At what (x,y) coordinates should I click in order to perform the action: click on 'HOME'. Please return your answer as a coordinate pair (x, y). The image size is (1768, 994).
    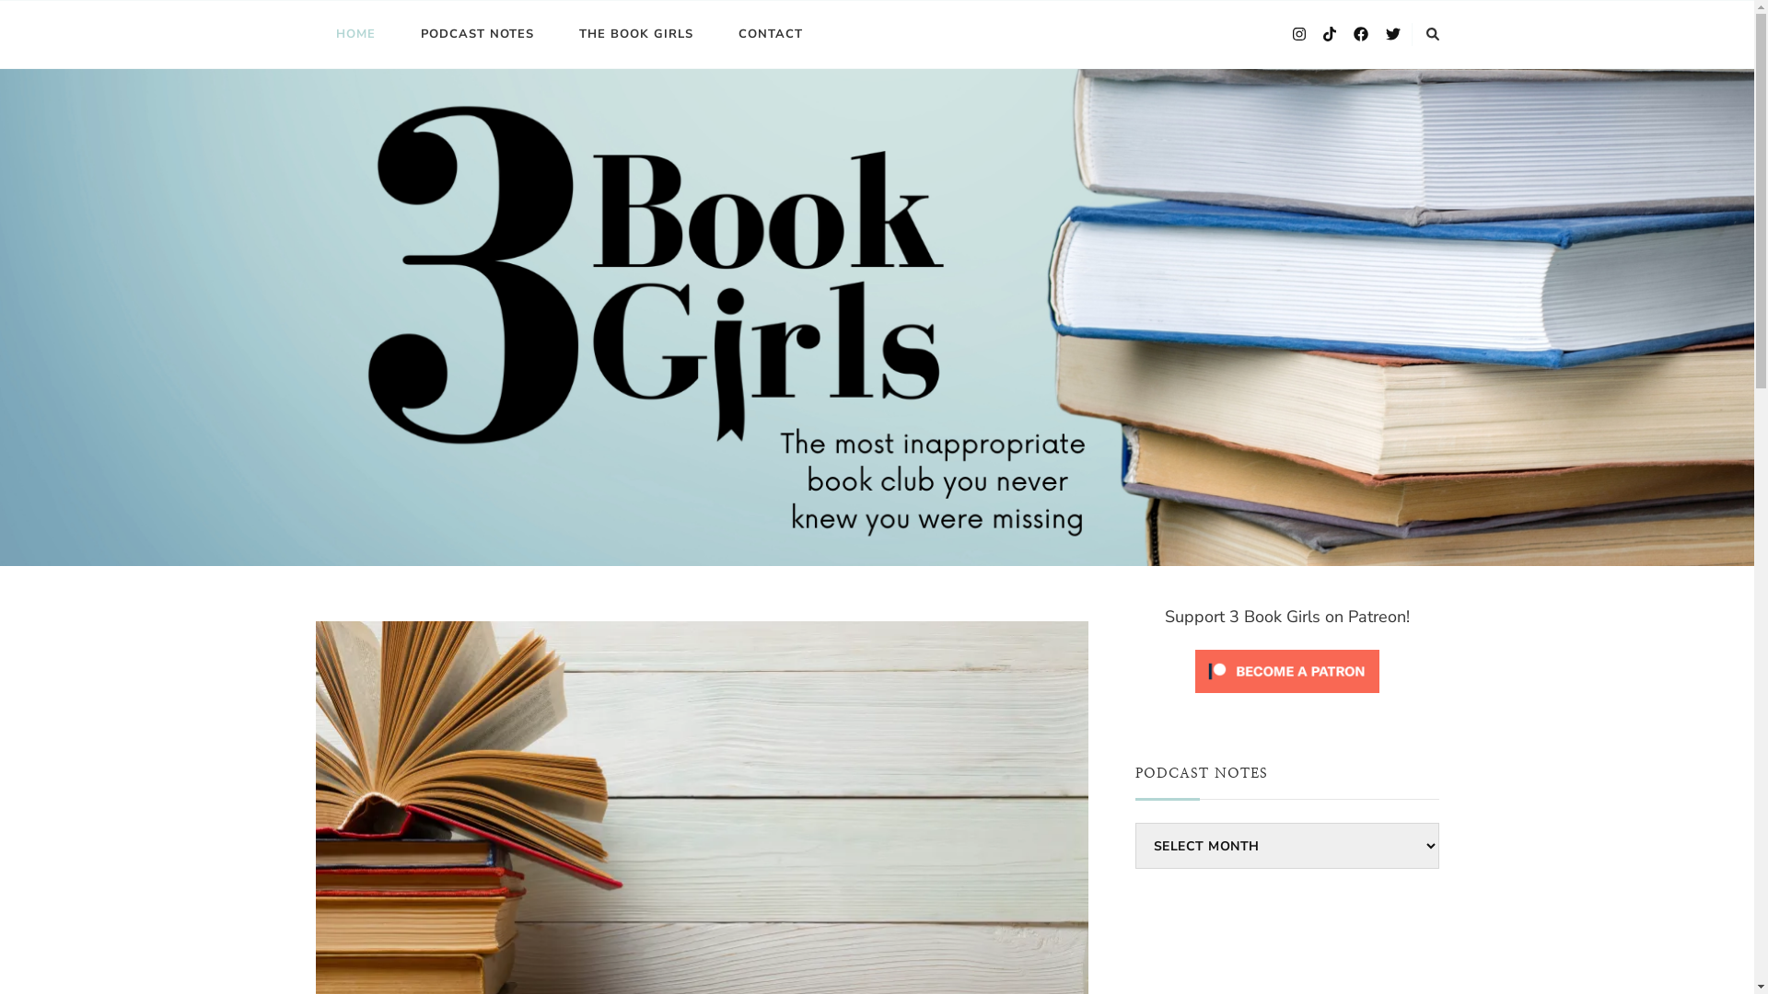
    Looking at the image, I should click on (355, 34).